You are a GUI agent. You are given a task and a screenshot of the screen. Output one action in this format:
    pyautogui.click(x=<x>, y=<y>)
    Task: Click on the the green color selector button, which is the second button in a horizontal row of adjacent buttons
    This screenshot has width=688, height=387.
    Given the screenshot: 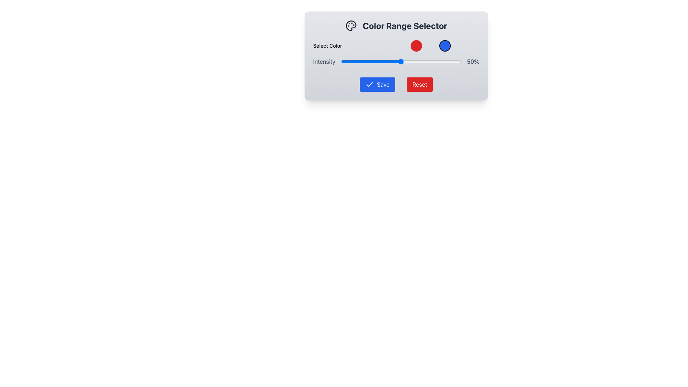 What is the action you would take?
    pyautogui.click(x=430, y=46)
    